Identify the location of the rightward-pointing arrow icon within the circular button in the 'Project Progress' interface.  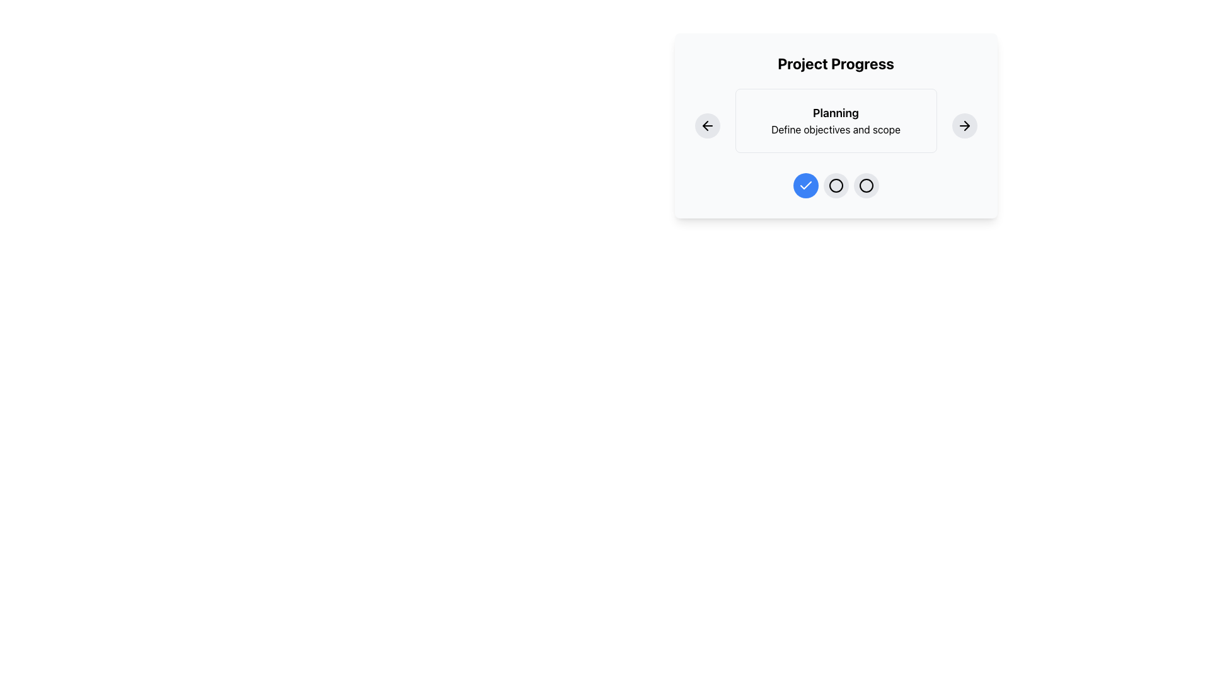
(964, 126).